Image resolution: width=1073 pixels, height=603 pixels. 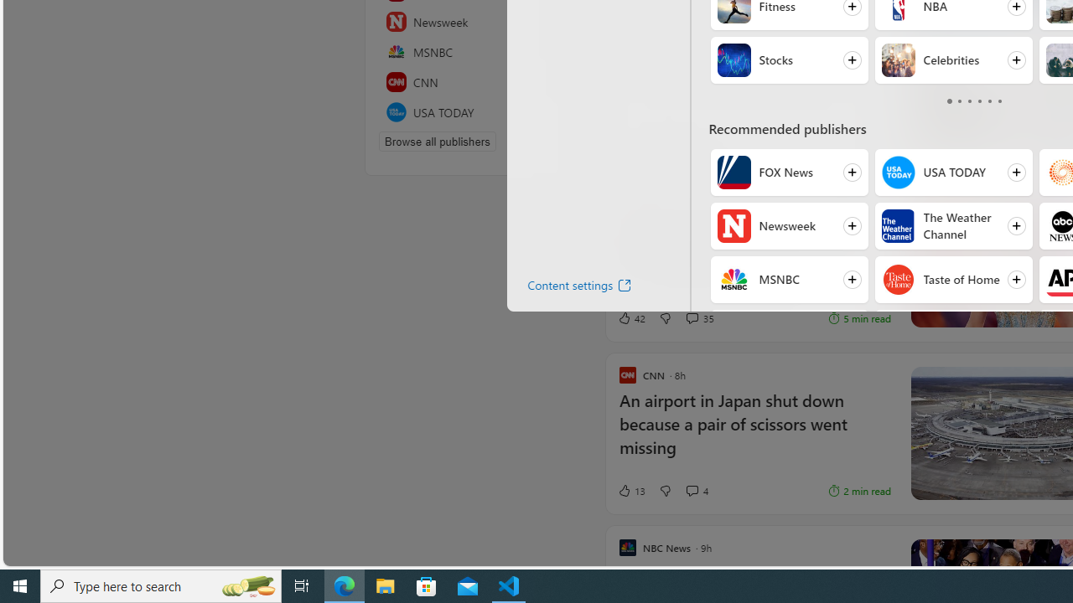 What do you see at coordinates (696, 490) in the screenshot?
I see `'View comments 4 Comment'` at bounding box center [696, 490].